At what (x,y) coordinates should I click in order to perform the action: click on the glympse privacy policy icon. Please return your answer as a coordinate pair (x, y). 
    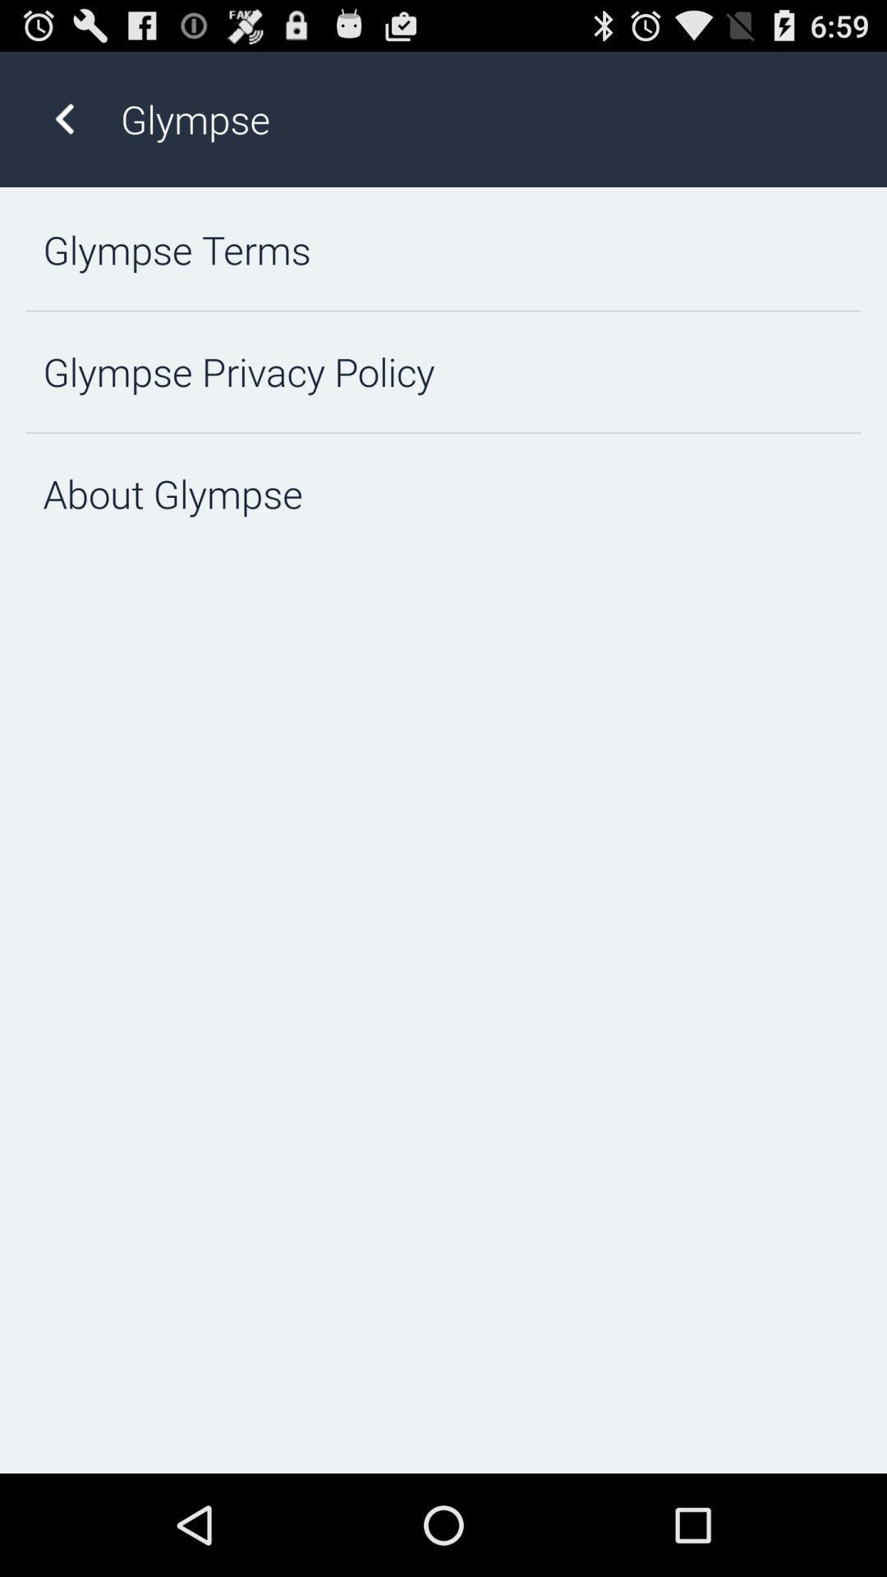
    Looking at the image, I should click on (443, 370).